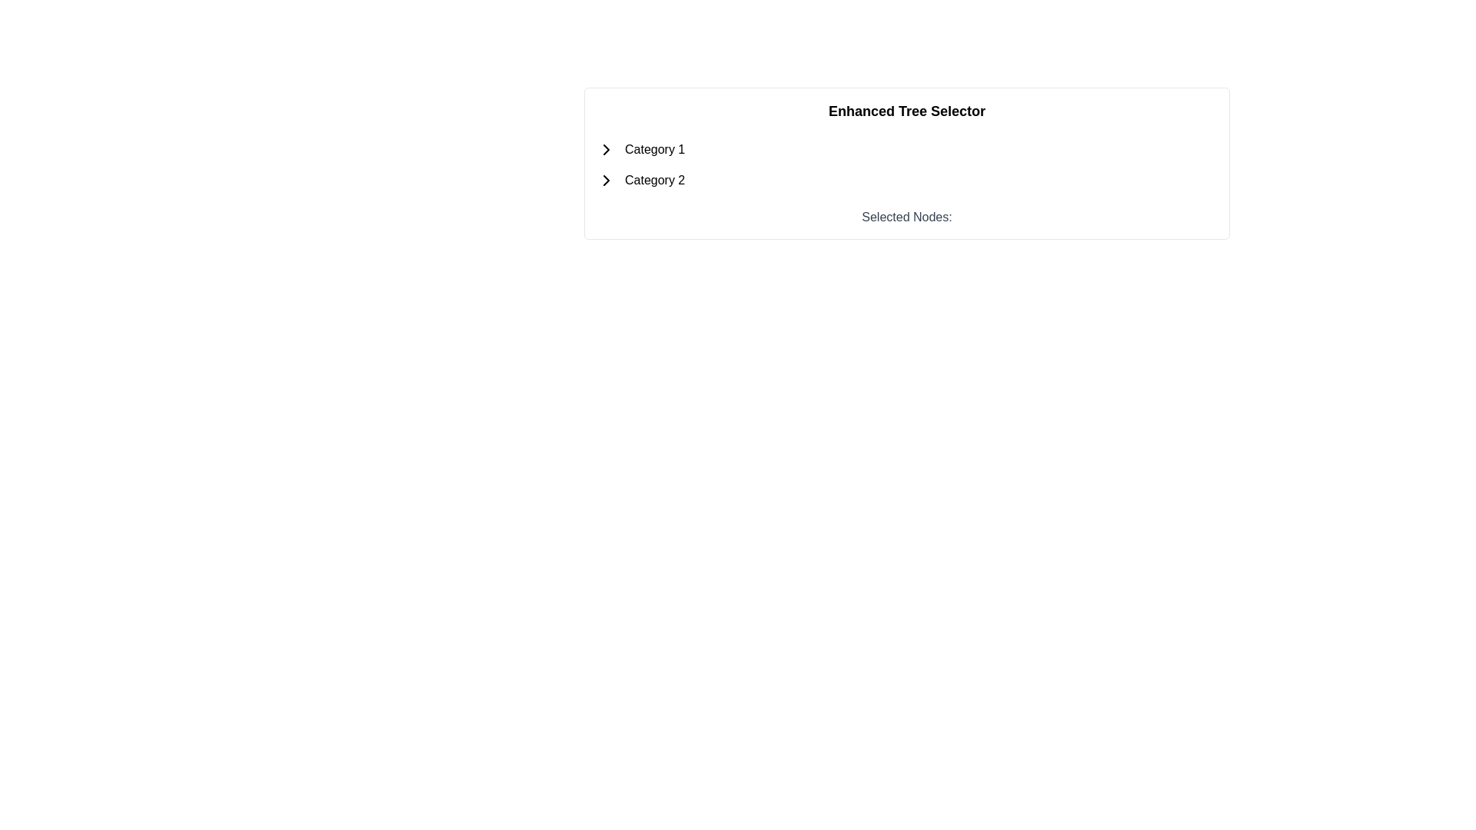  What do you see at coordinates (907, 111) in the screenshot?
I see `text label that says 'Enhanced Tree Selector', which is styled boldly and positioned at the top-center of the section` at bounding box center [907, 111].